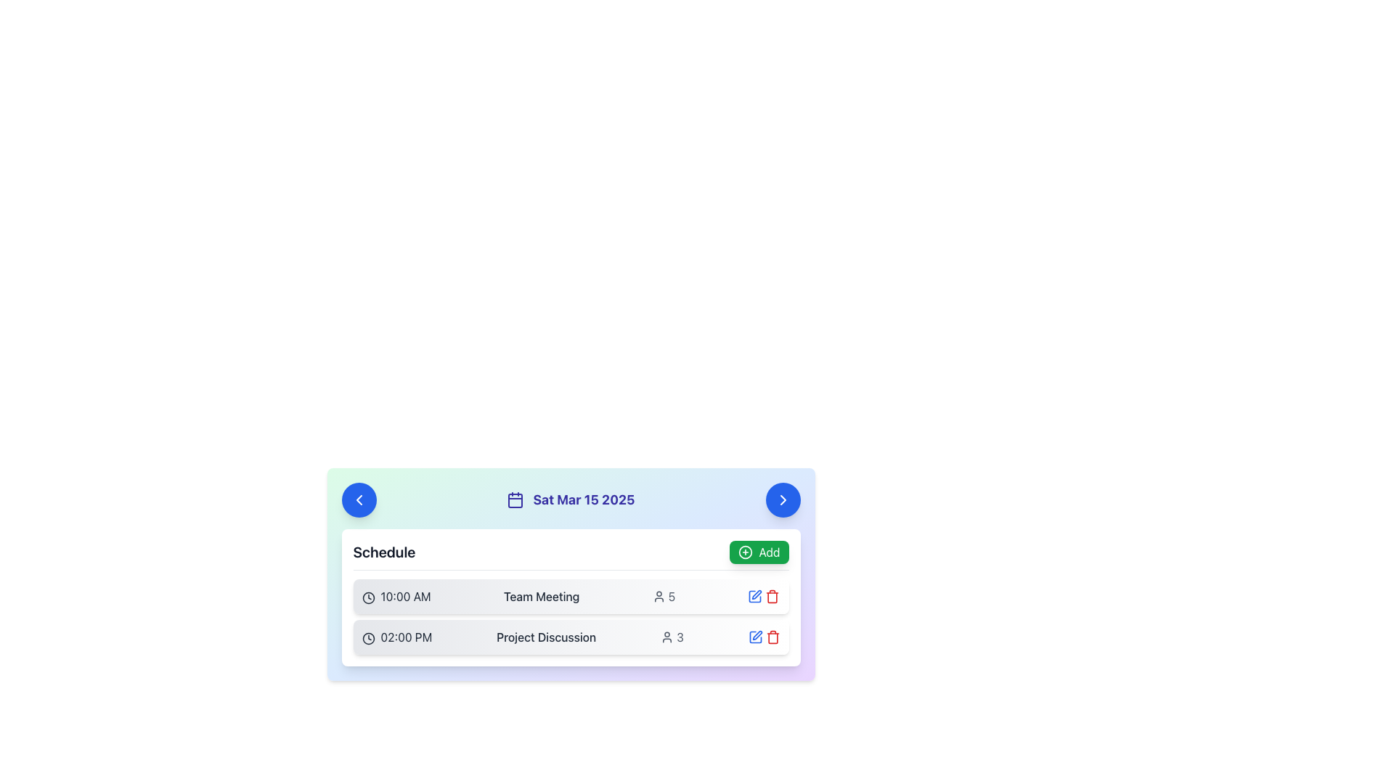 The width and height of the screenshot is (1394, 784). What do you see at coordinates (671, 637) in the screenshot?
I see `information displayed in the composite element that combines a user icon and the numeral '3', located in the second row of the schedule list next to the 'Project Discussion' text` at bounding box center [671, 637].